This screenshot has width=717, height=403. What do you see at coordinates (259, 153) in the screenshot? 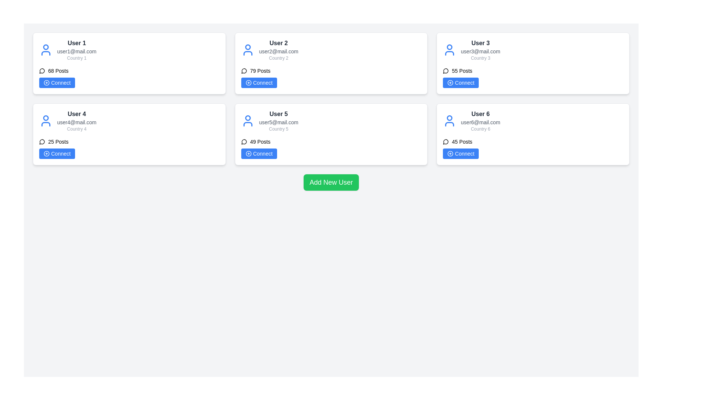
I see `the 'Connect' button with a blue background and white text, located in the lower section of the 'User 5' card` at bounding box center [259, 153].